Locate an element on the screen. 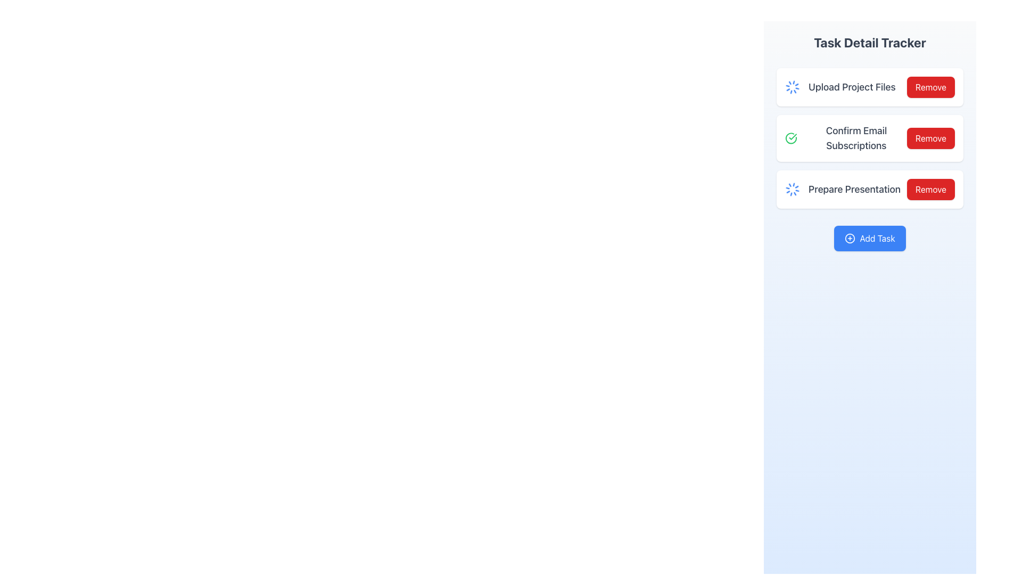 Image resolution: width=1022 pixels, height=575 pixels. the animated loader icon located to the left of the 'Prepare Presentation' text label in the 'Task Detail Tracker' section, which is associated with the third task item is located at coordinates (792, 188).